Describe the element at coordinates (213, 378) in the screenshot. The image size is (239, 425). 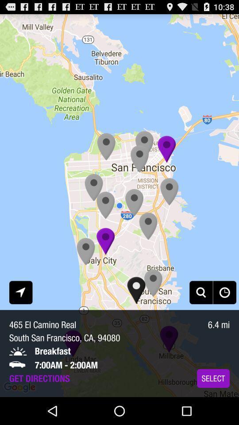
I see `the app below the 6.4 mi` at that location.